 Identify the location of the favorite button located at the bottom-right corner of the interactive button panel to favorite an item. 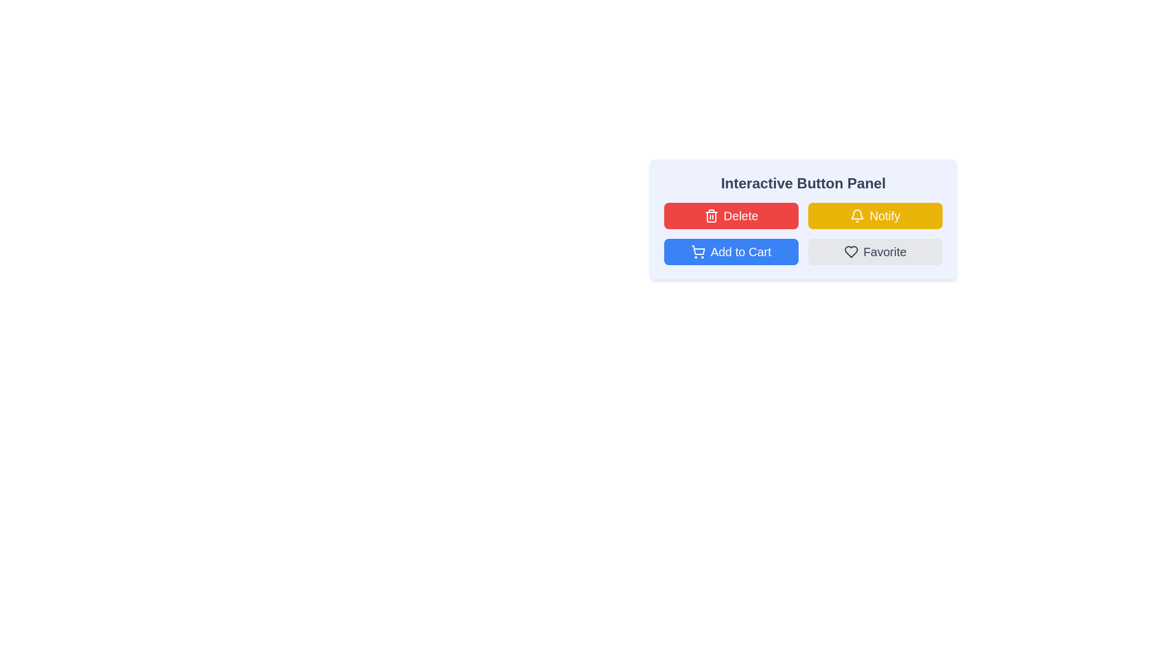
(875, 251).